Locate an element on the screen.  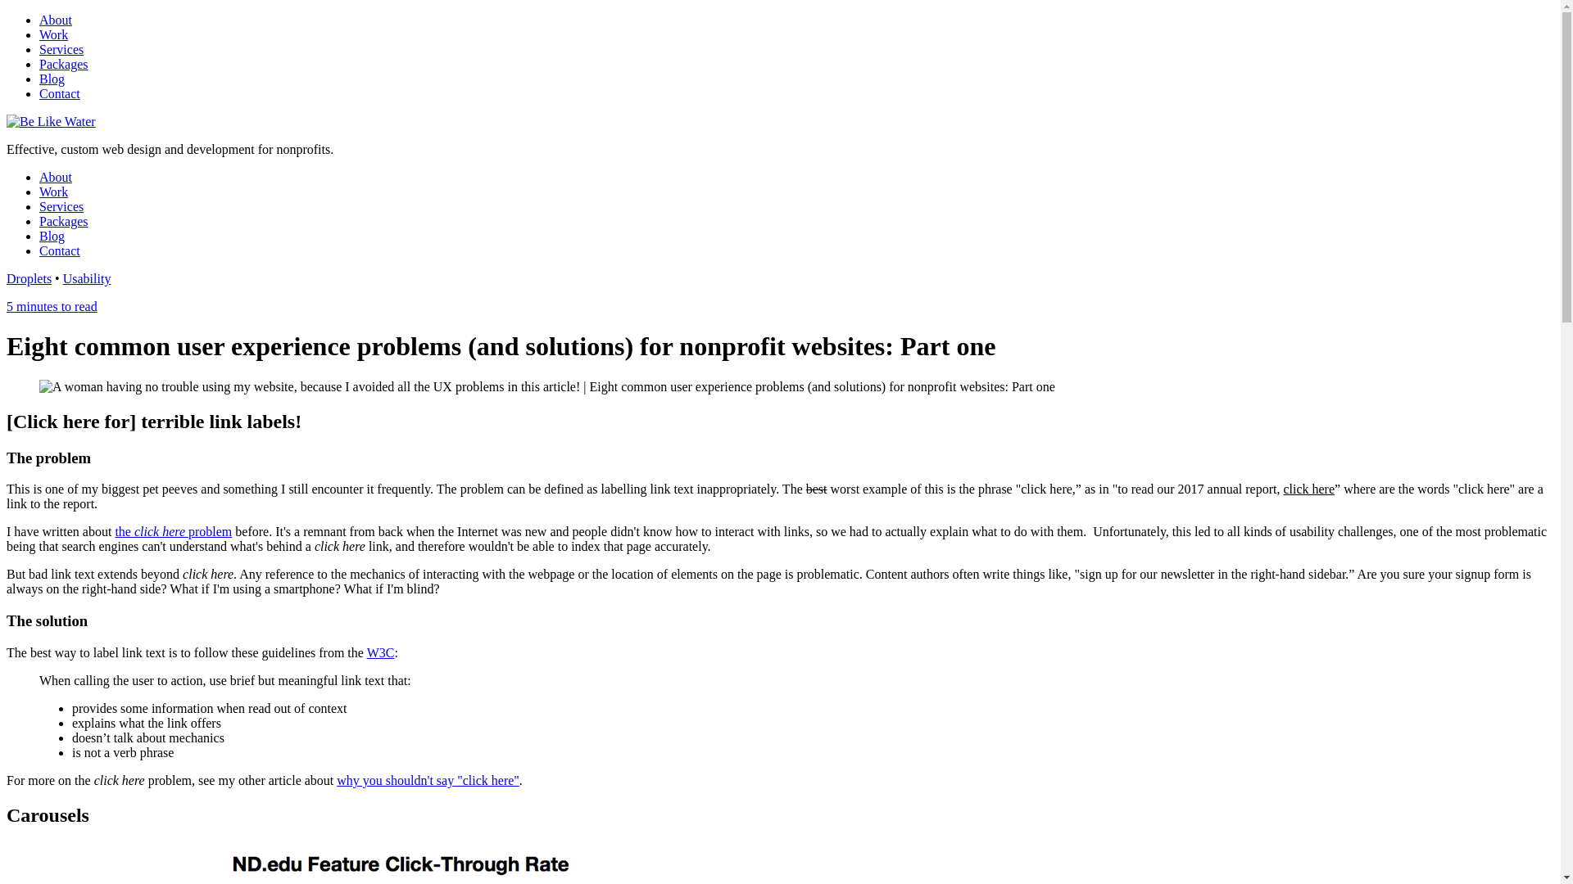
'Contact' is located at coordinates (39, 250).